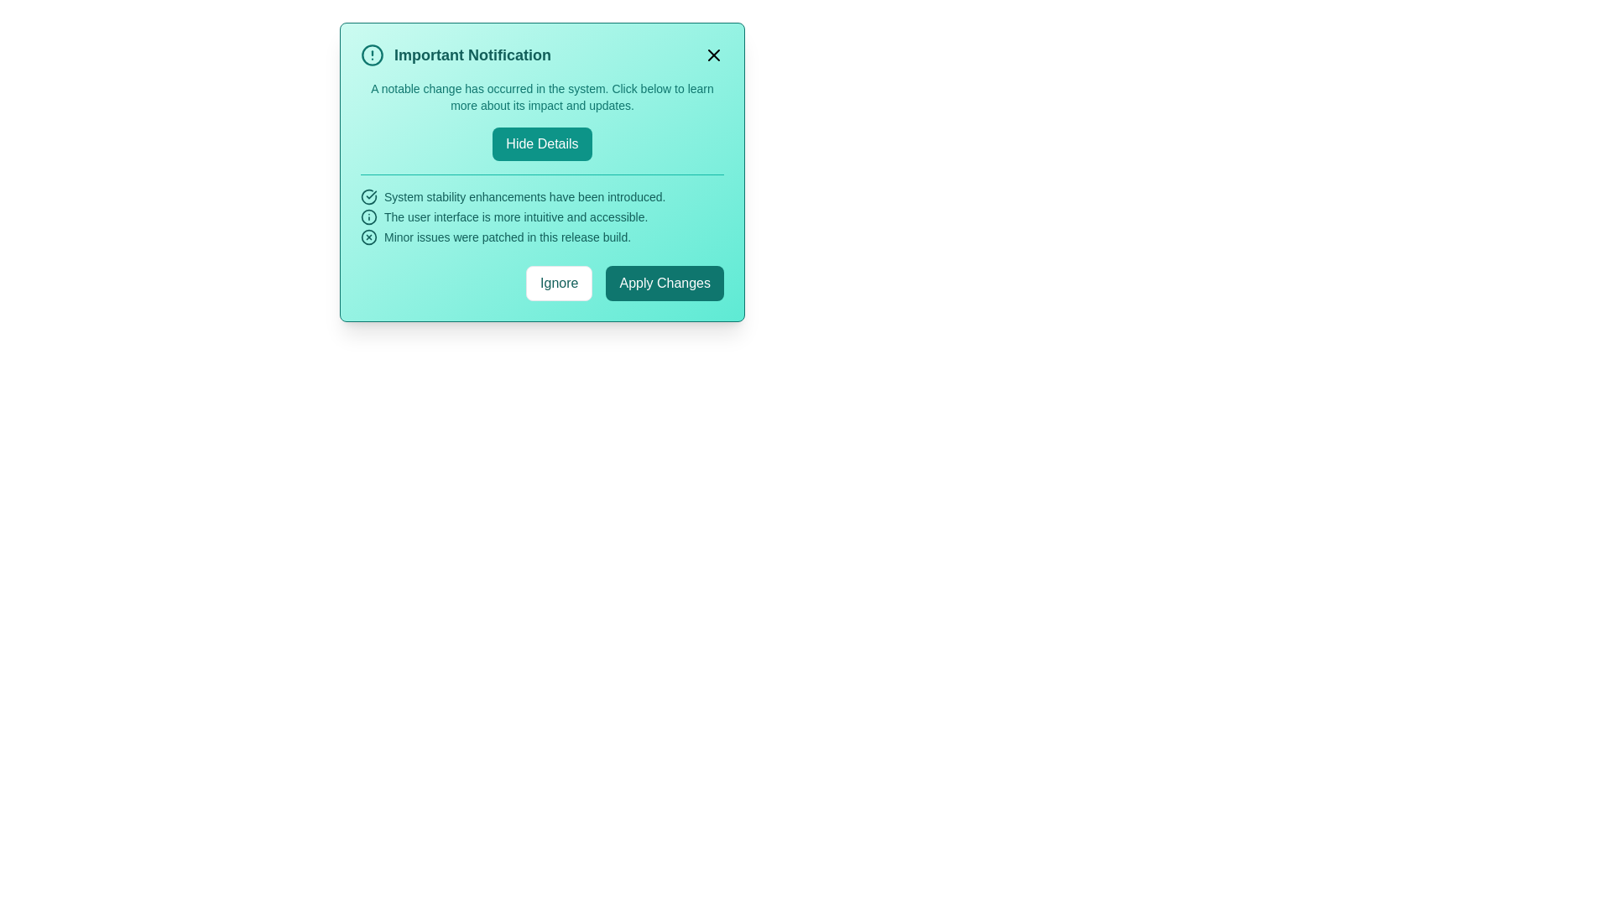 This screenshot has height=906, width=1611. I want to click on the 'Ignore' button, which is a rectangular button with rounded corners, white background, and teal text, located at the bottom right of a notification modal, so click(559, 283).